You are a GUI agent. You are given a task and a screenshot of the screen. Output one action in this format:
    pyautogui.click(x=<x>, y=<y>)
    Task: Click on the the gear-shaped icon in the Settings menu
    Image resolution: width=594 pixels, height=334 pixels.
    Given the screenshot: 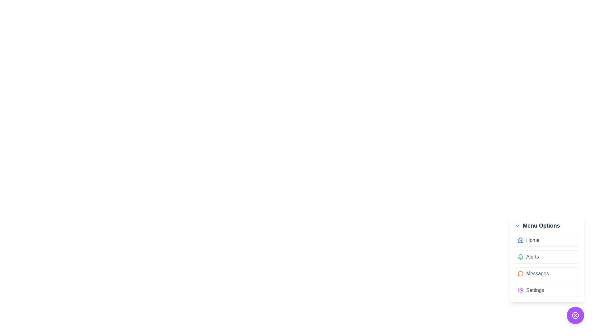 What is the action you would take?
    pyautogui.click(x=520, y=290)
    